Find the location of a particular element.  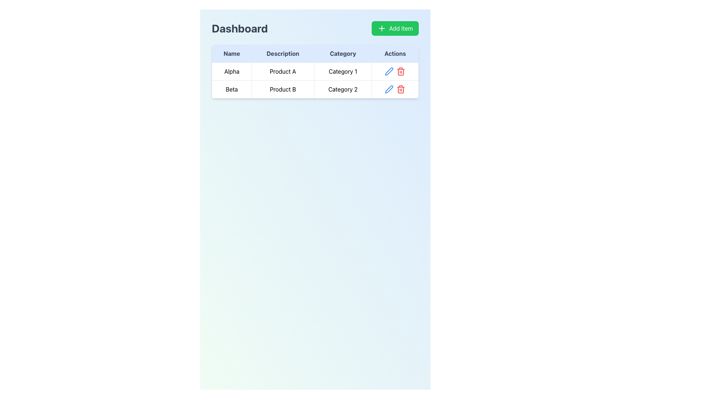

the delete icon (trash bin) in the actions column of the second row of the table is located at coordinates (395, 89).